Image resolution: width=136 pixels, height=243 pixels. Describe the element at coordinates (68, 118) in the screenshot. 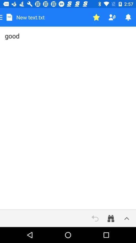

I see `the good icon` at that location.